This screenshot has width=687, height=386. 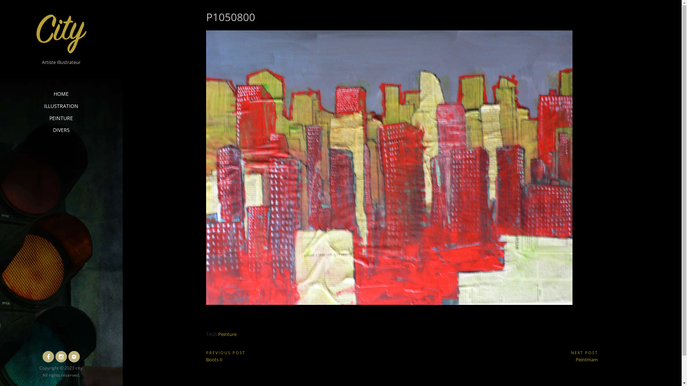 What do you see at coordinates (61, 130) in the screenshot?
I see `'DIVERS'` at bounding box center [61, 130].